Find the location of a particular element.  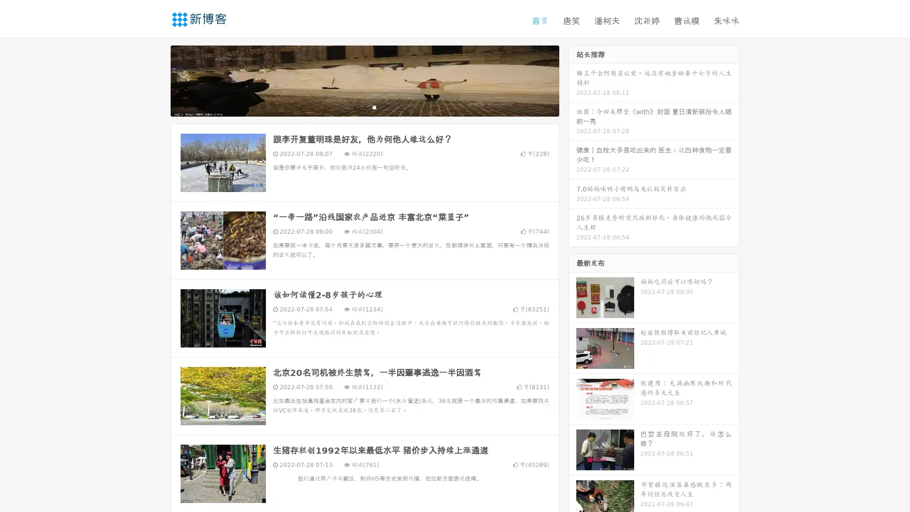

Go to slide 2 is located at coordinates (364, 107).